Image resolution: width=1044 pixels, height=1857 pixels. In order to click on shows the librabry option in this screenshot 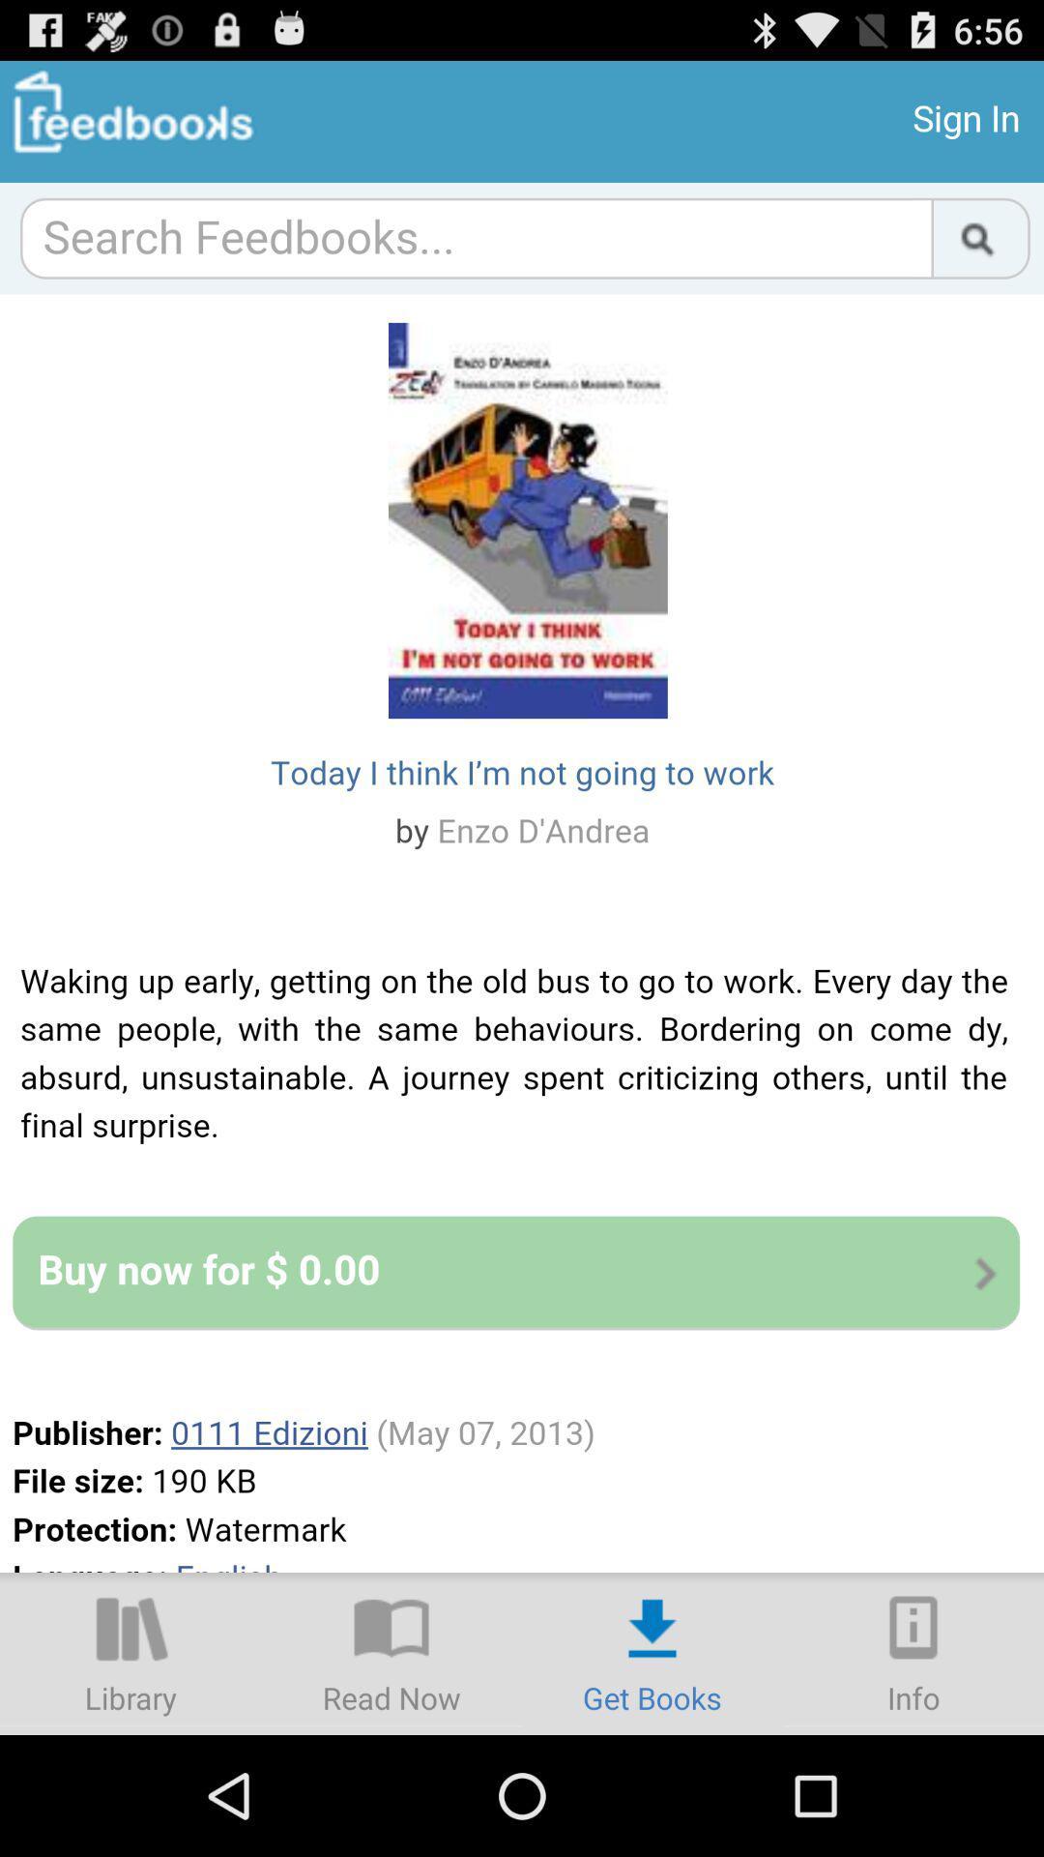, I will do `click(130, 1652)`.